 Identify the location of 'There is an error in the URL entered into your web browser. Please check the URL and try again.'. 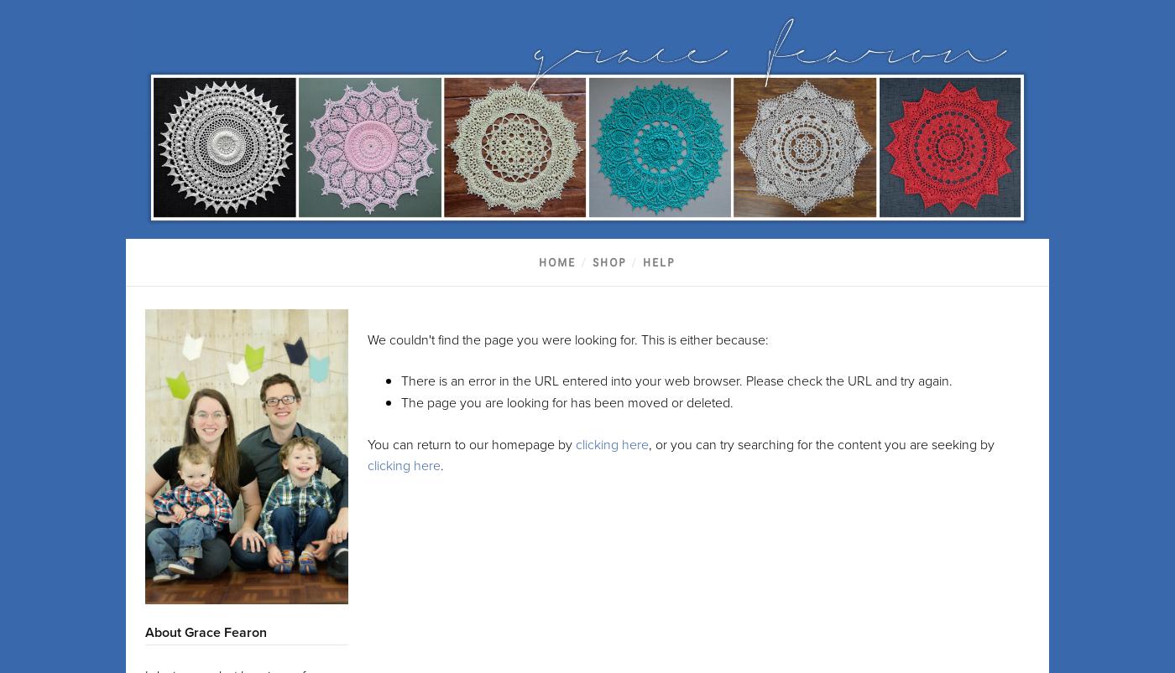
(676, 381).